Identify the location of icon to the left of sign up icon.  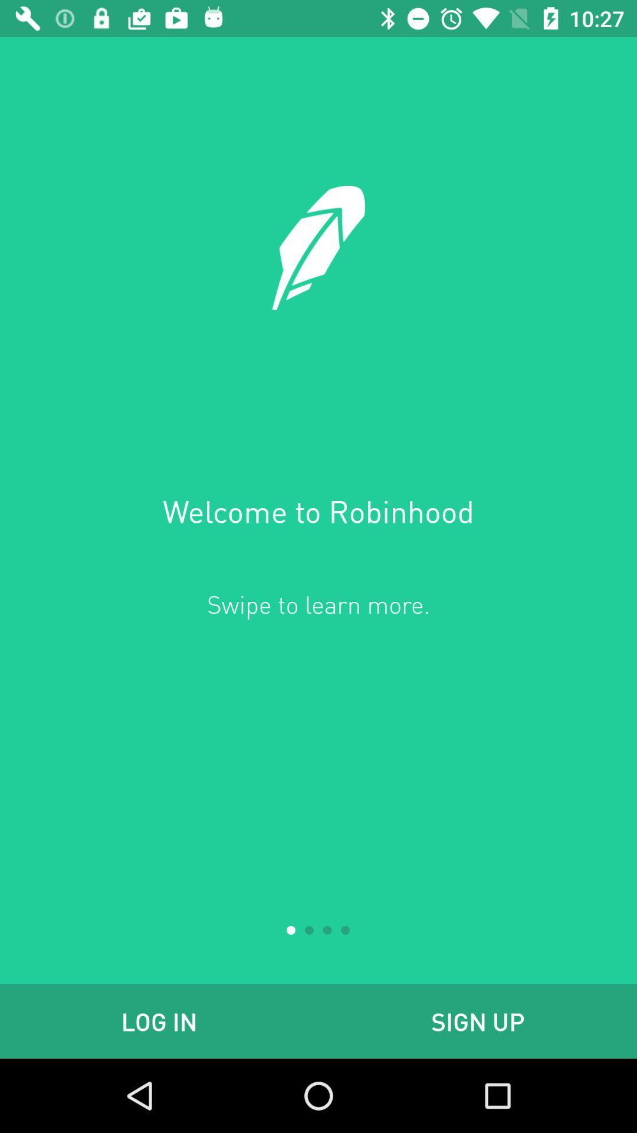
(159, 1021).